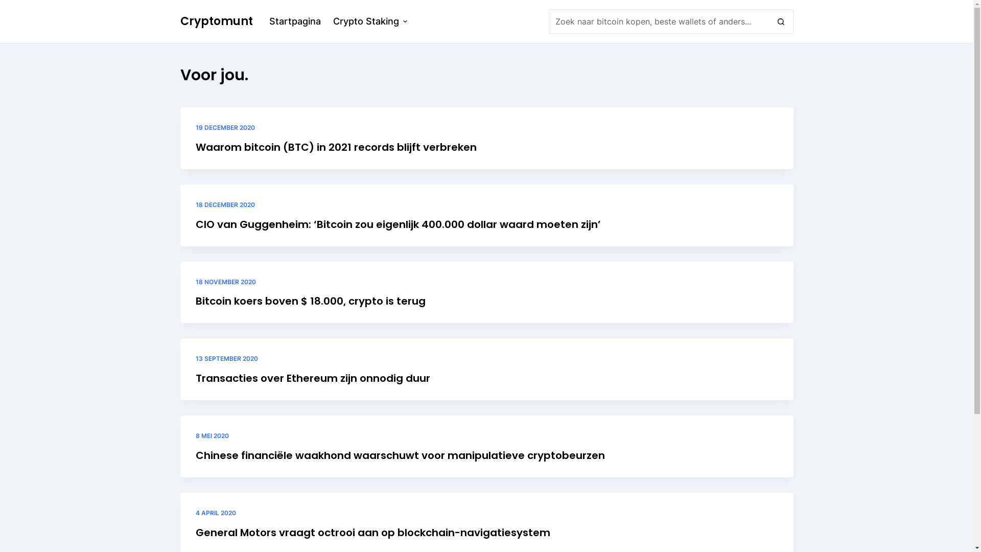 The image size is (981, 552). I want to click on 'Waarom bitcoin (BTC) in 2021 records blijft verbreken', so click(336, 147).